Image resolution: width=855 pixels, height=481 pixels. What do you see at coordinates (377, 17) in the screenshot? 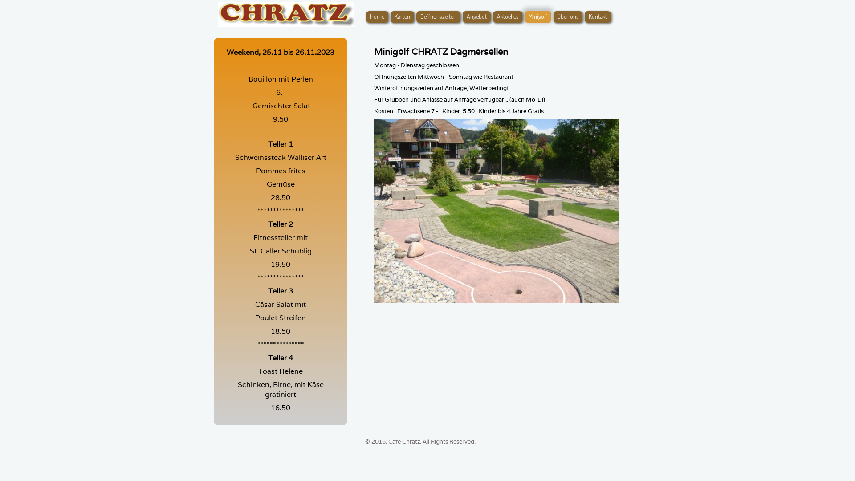
I see `'Home'` at bounding box center [377, 17].